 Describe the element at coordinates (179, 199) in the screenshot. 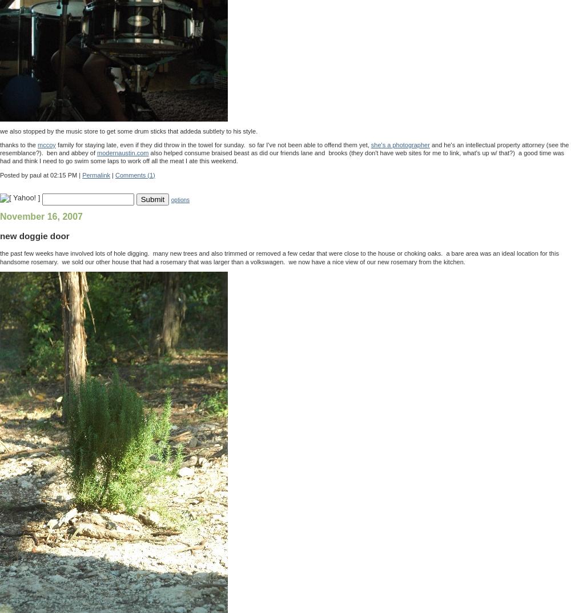

I see `'options'` at that location.